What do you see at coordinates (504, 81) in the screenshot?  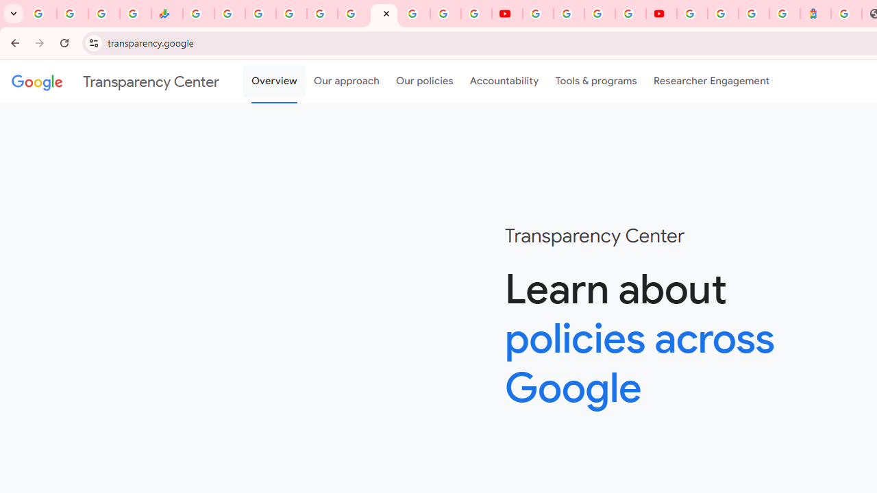 I see `'Accountability'` at bounding box center [504, 81].